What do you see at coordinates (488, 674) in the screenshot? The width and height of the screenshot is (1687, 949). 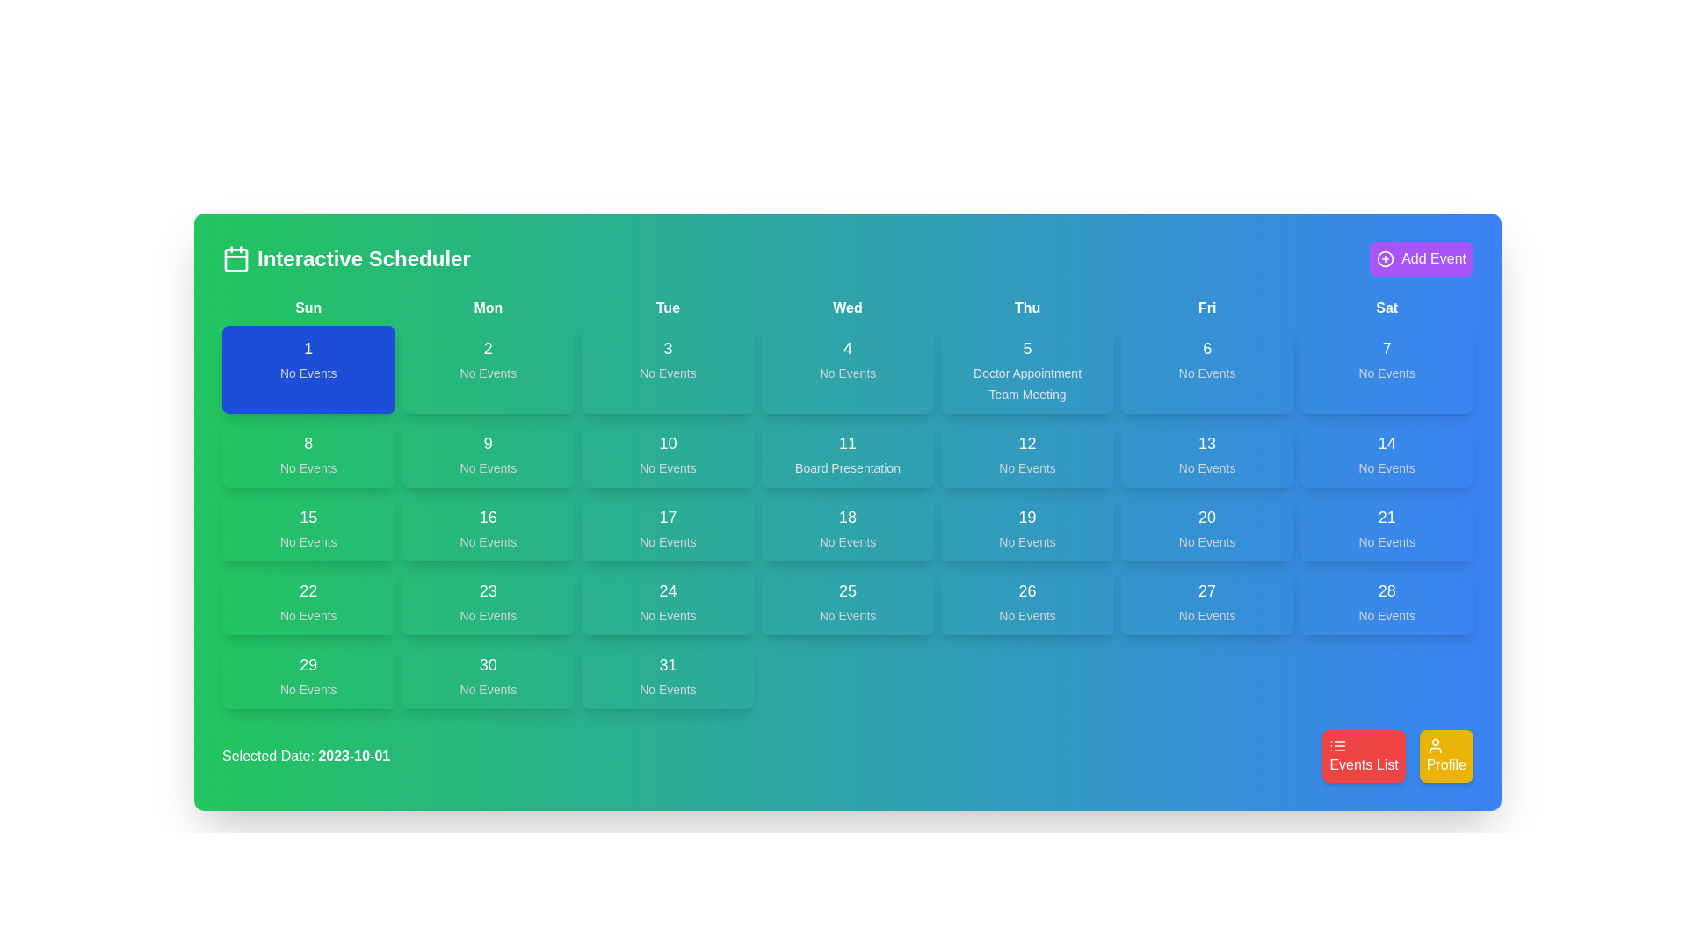 I see `the Calendar Day Tile representing the 30th day of the month` at bounding box center [488, 674].